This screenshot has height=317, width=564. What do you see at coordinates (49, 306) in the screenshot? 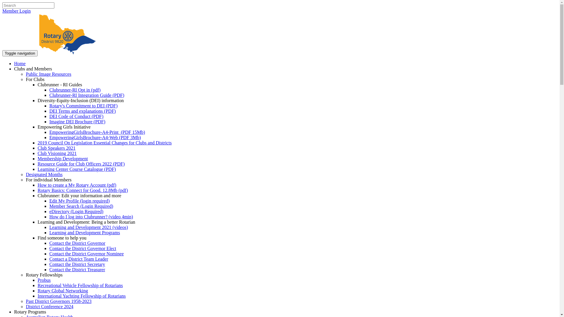
I see `'District Conference 2024'` at bounding box center [49, 306].